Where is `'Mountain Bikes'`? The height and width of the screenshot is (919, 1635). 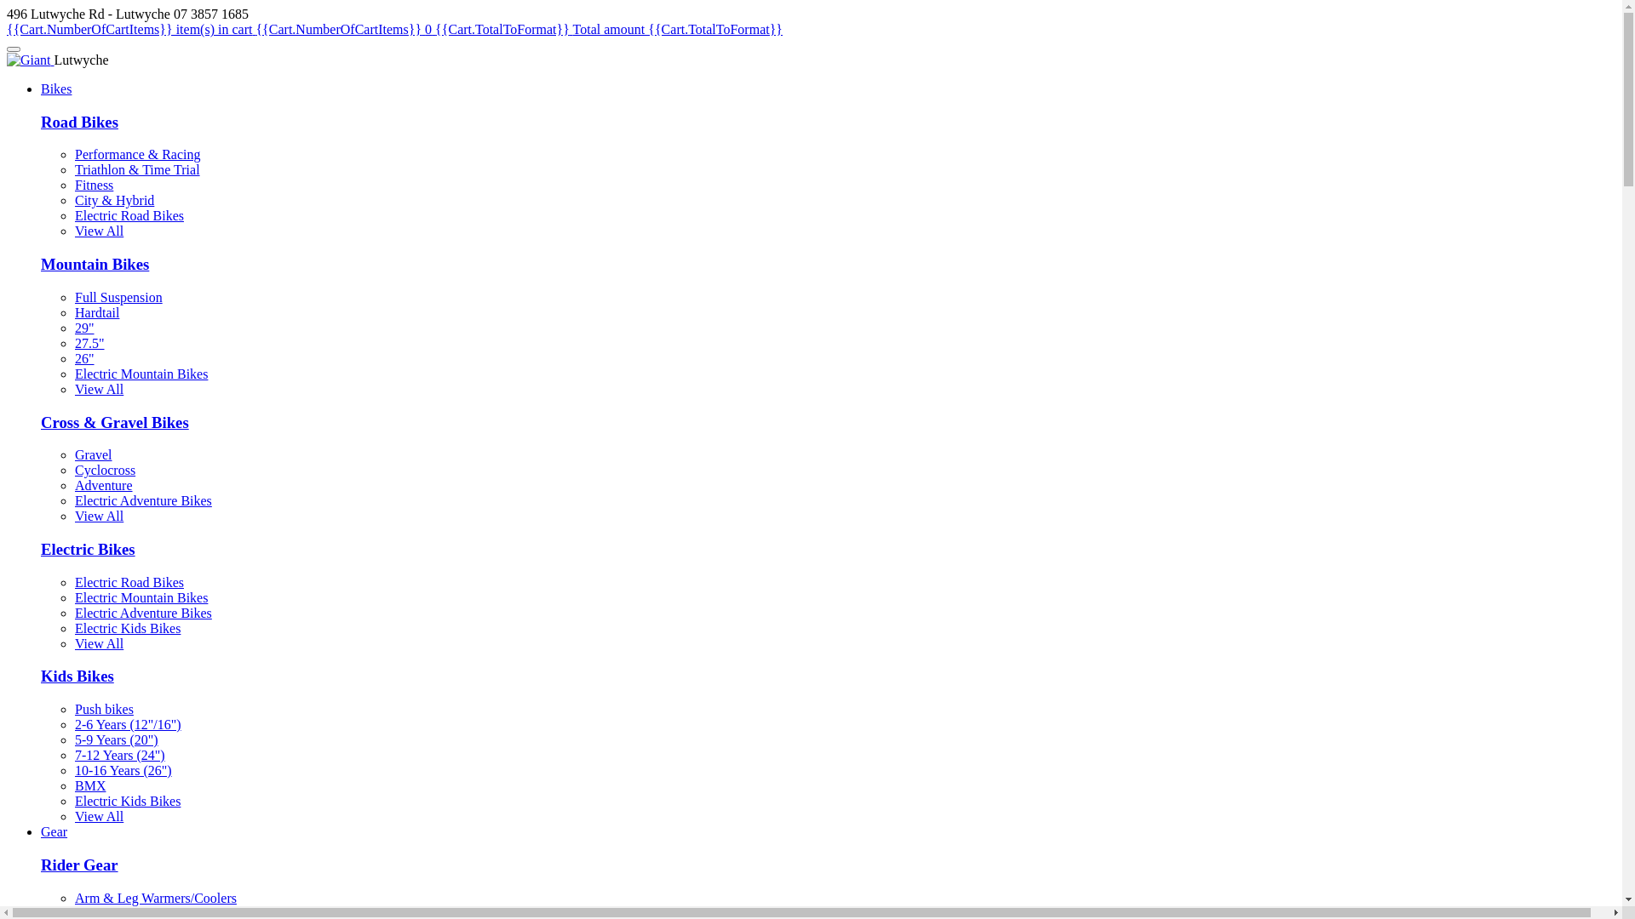 'Mountain Bikes' is located at coordinates (94, 264).